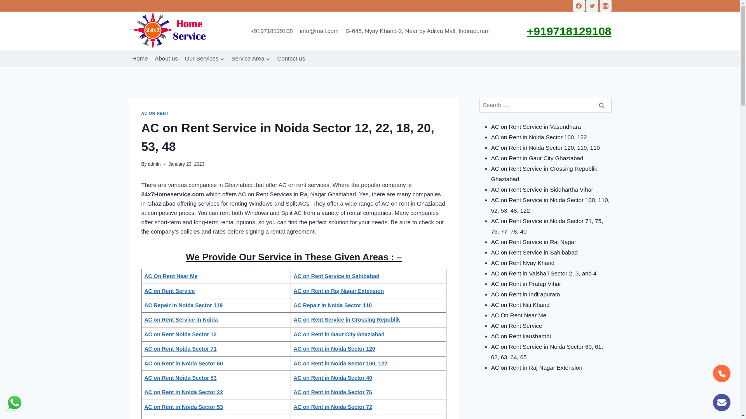  Describe the element at coordinates (339, 291) in the screenshot. I see `'AC on Rent in Raj Nagar Extension'` at that location.